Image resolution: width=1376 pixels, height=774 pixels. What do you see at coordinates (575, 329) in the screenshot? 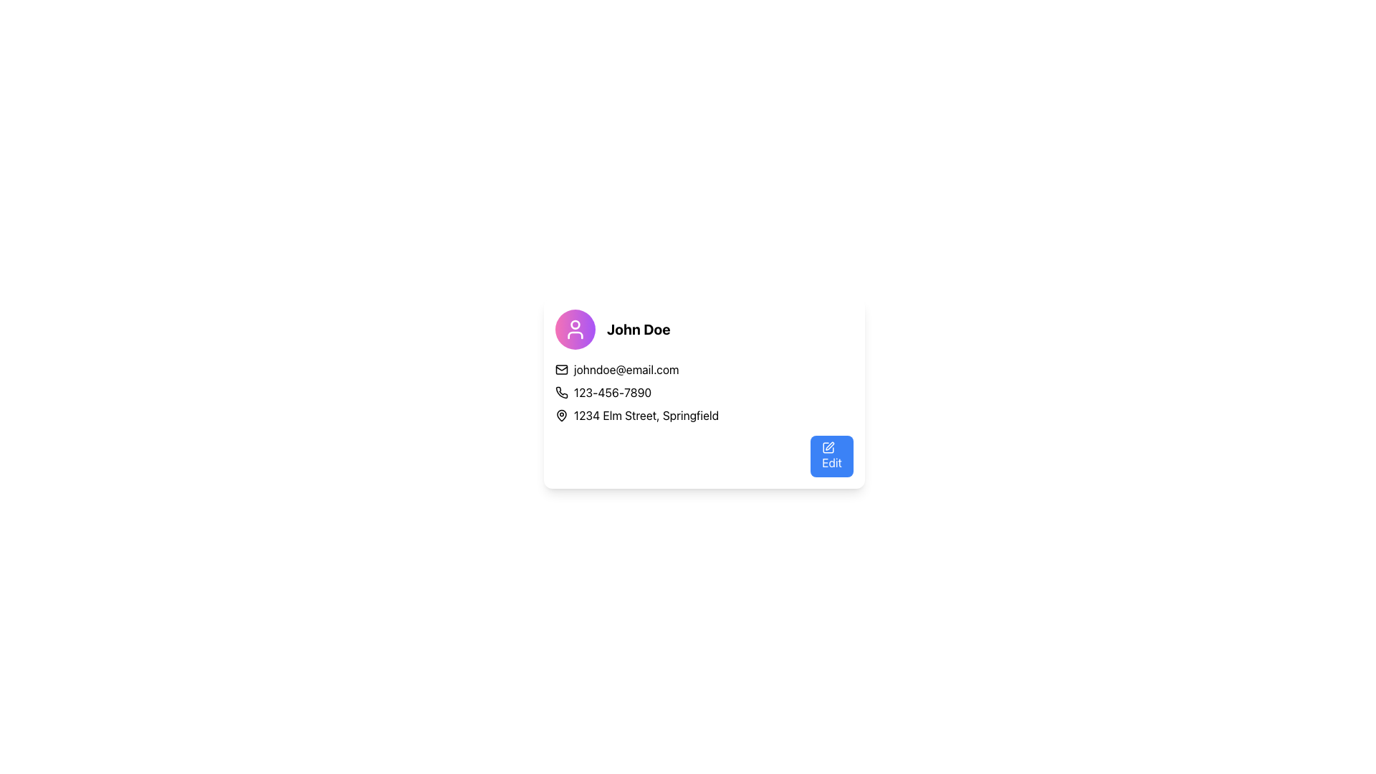
I see `the user profile icon located in the top-left corner of the user card, which serves as an avatar for the user, positioned to the left of the user name 'John Doe'` at bounding box center [575, 329].